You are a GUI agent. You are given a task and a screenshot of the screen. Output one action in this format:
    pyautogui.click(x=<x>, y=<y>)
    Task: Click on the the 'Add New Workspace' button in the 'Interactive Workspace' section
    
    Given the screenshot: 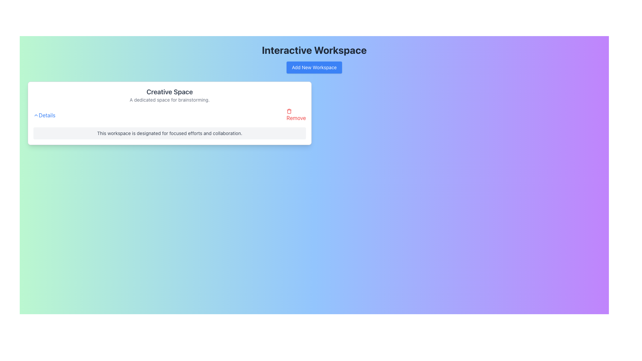 What is the action you would take?
    pyautogui.click(x=314, y=58)
    